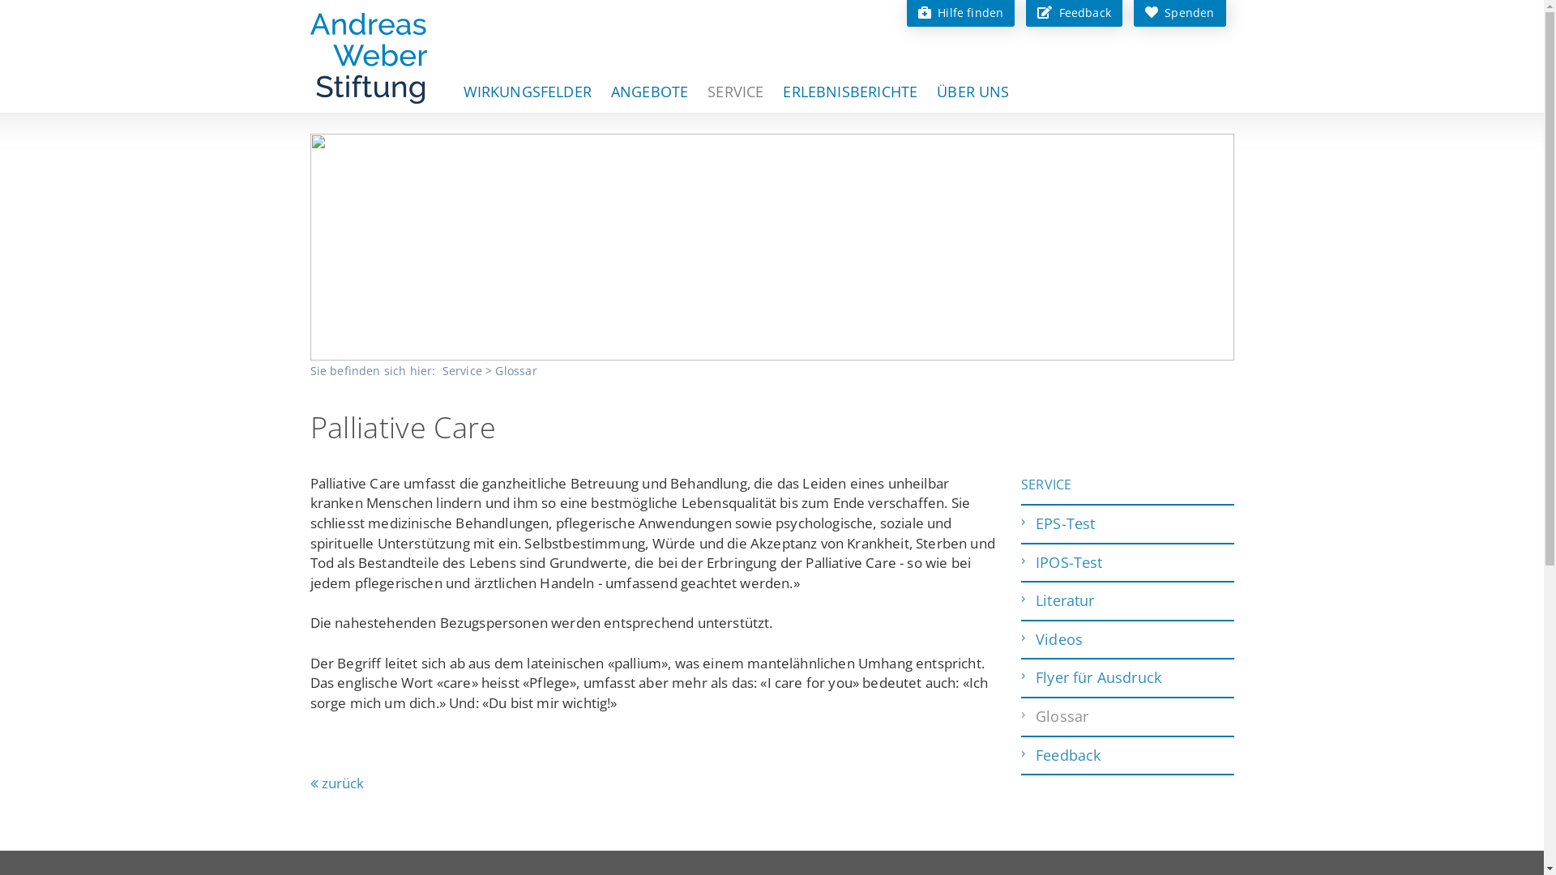 The height and width of the screenshot is (875, 1556). I want to click on 'Glossar', so click(515, 370).